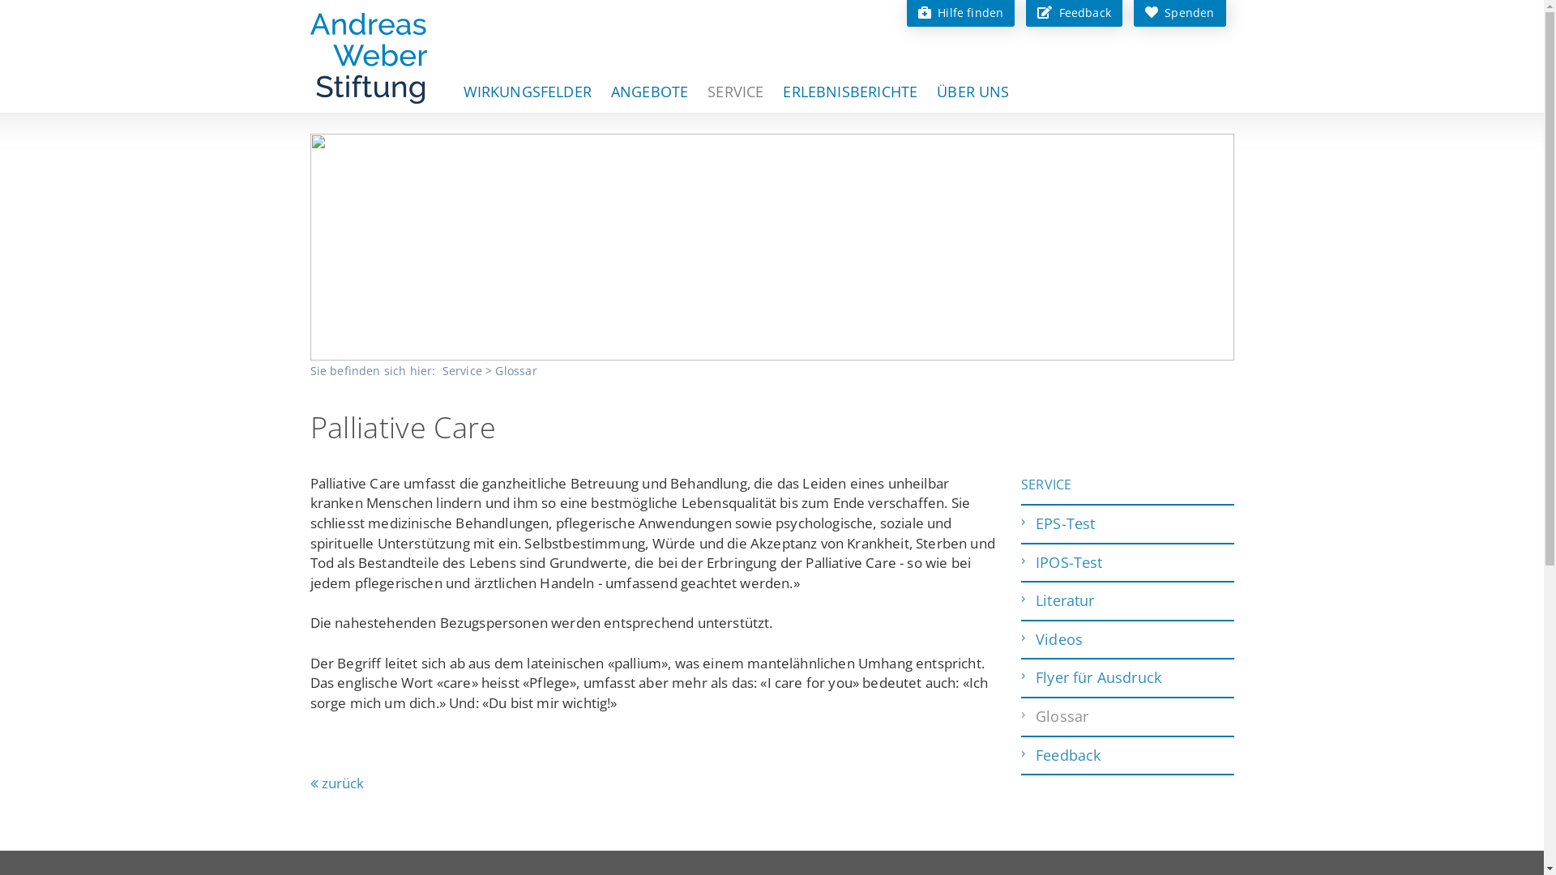 The height and width of the screenshot is (875, 1556). I want to click on 'Glossar', so click(515, 370).